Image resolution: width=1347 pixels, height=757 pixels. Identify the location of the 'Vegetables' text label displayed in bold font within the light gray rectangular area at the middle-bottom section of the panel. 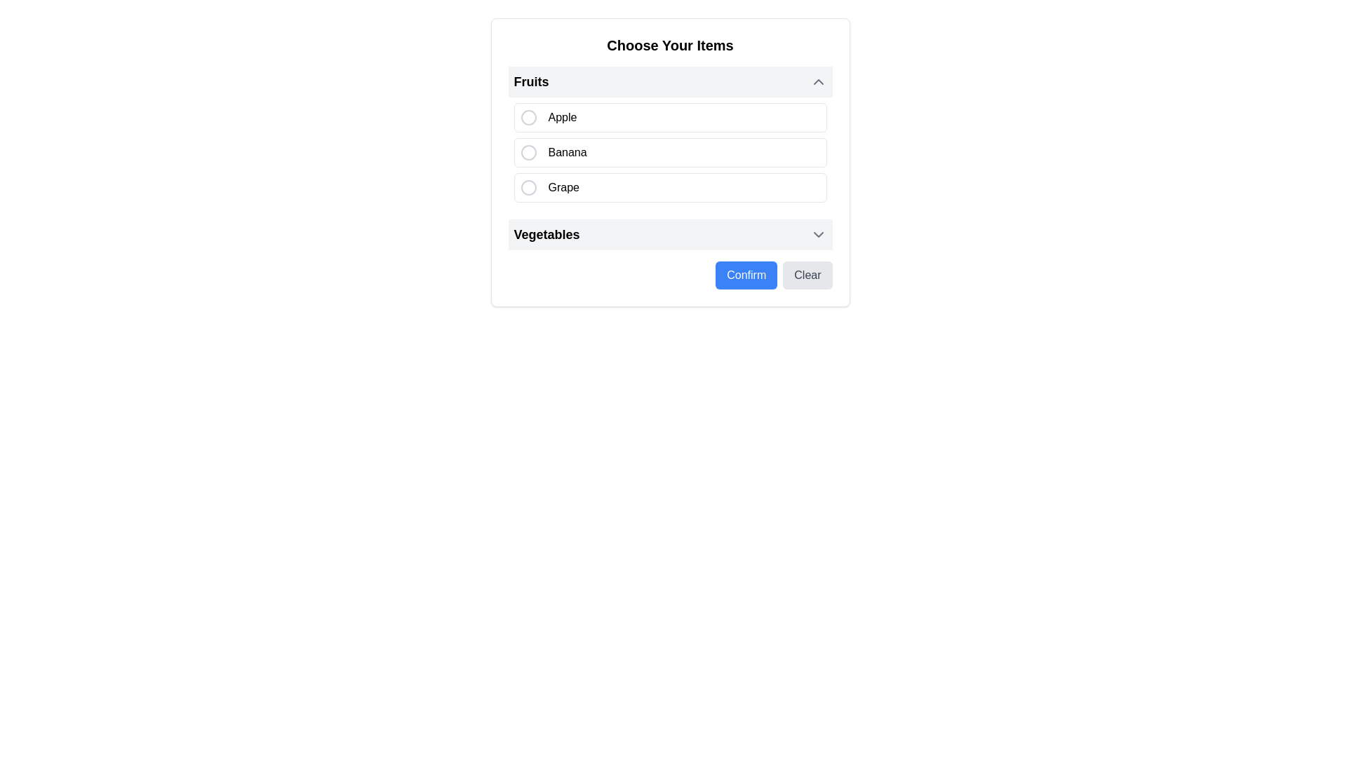
(546, 234).